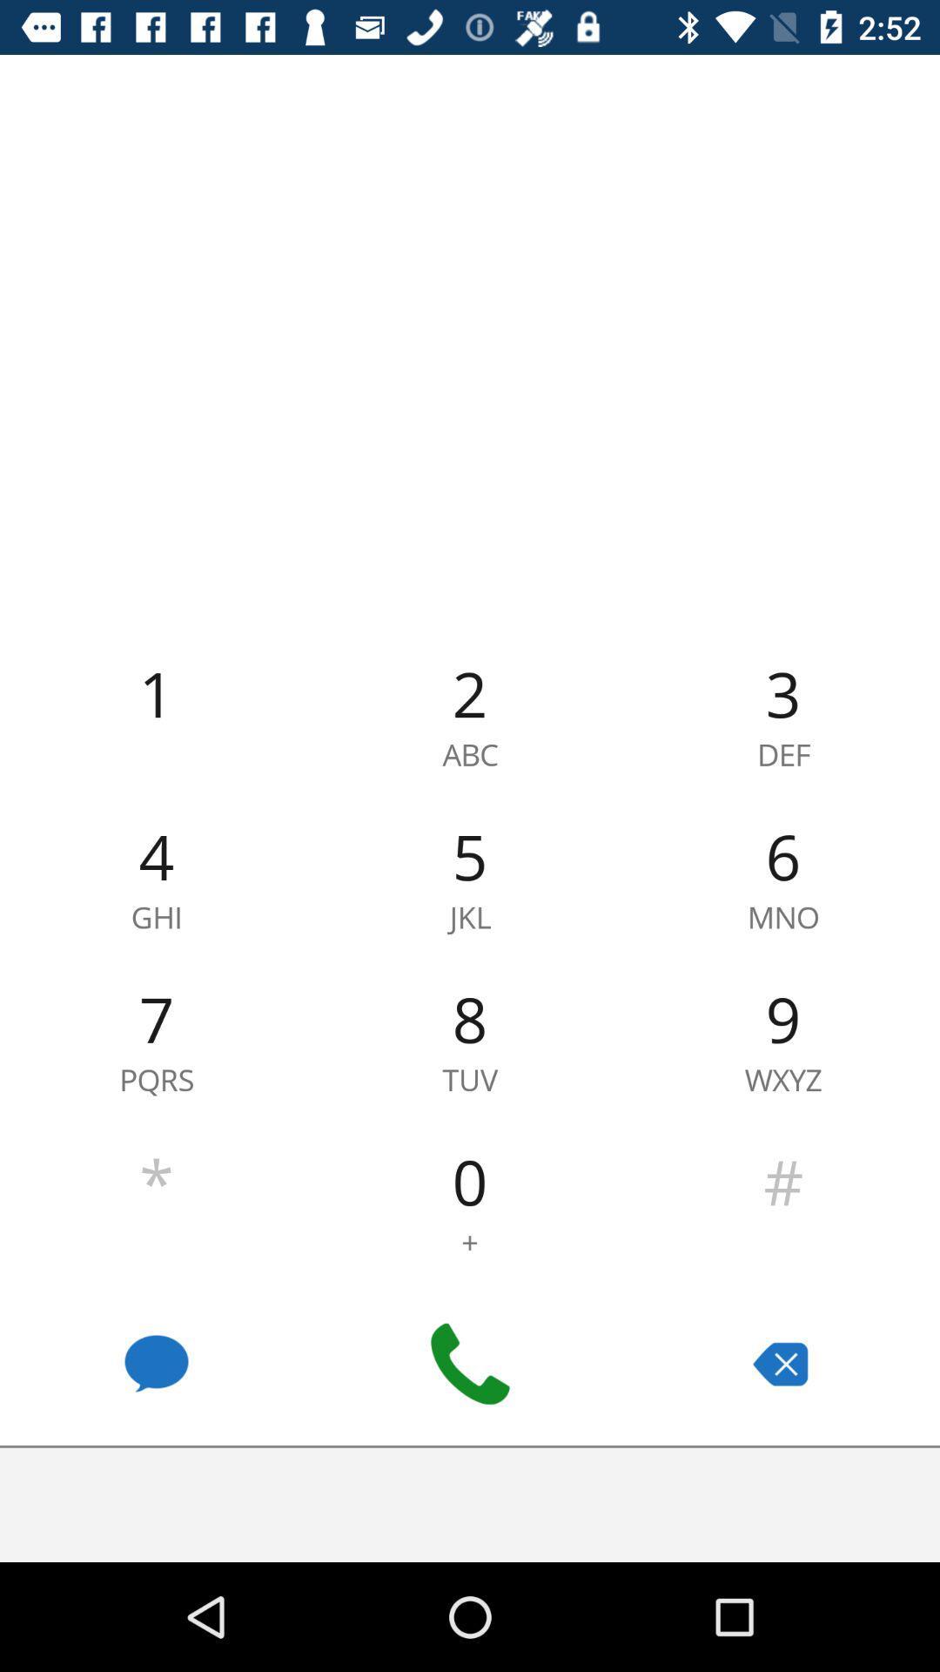 The height and width of the screenshot is (1672, 940). Describe the element at coordinates (470, 1363) in the screenshot. I see `the call icon` at that location.